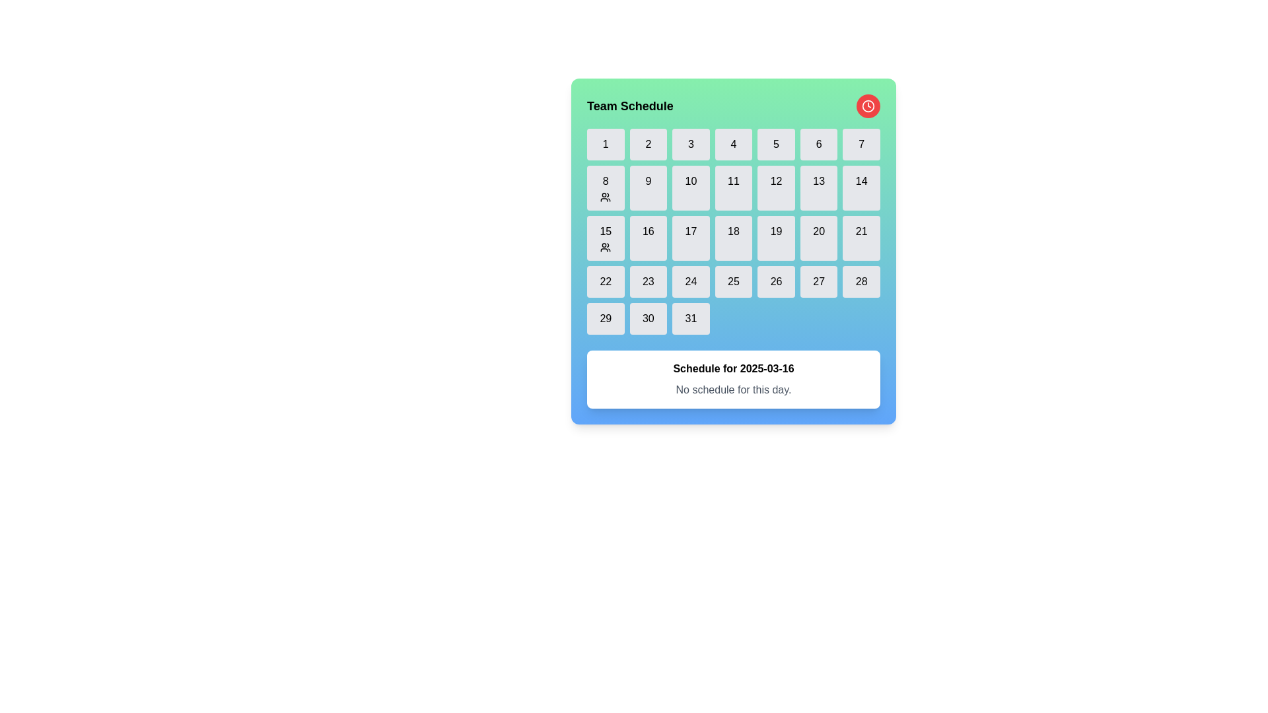 Image resolution: width=1268 pixels, height=713 pixels. I want to click on the interactive scheduling button located in the top-right corner of the 'Team Schedule' interface, next, so click(868, 106).